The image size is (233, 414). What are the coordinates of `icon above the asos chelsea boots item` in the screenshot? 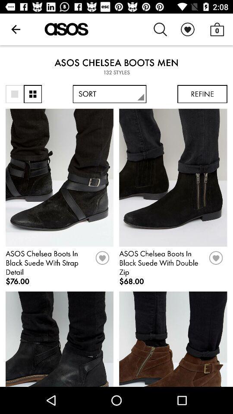 It's located at (161, 29).